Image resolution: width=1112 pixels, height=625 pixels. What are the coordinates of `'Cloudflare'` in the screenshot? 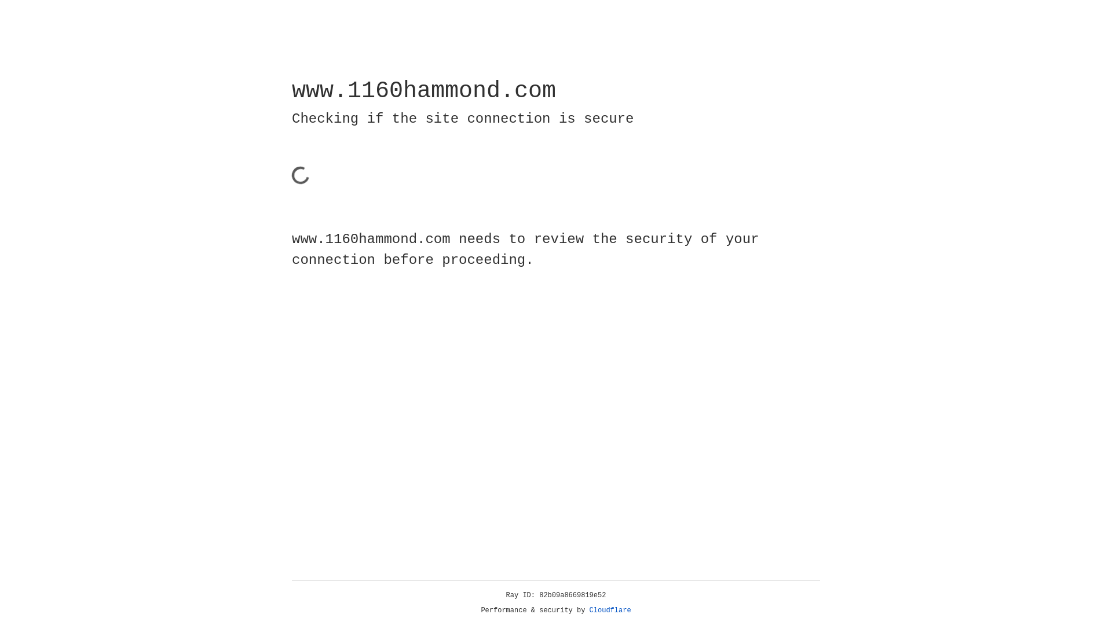 It's located at (610, 610).